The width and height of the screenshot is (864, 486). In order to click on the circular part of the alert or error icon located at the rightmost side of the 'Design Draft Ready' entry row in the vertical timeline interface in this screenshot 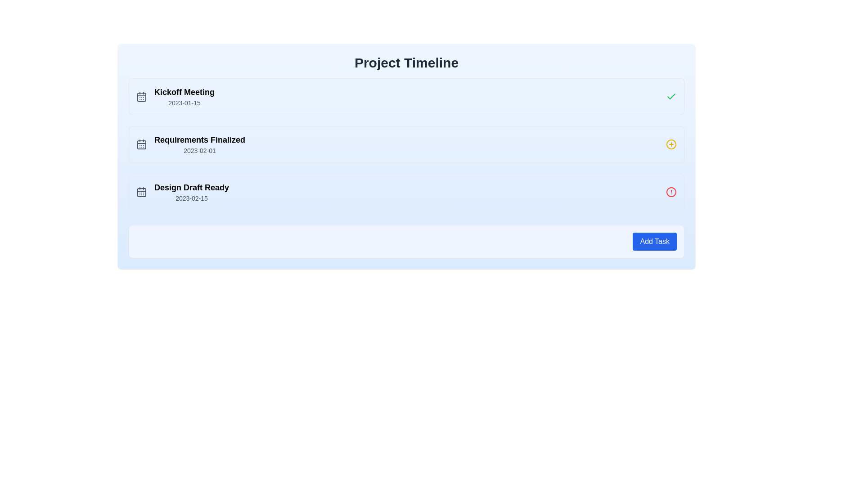, I will do `click(671, 192)`.